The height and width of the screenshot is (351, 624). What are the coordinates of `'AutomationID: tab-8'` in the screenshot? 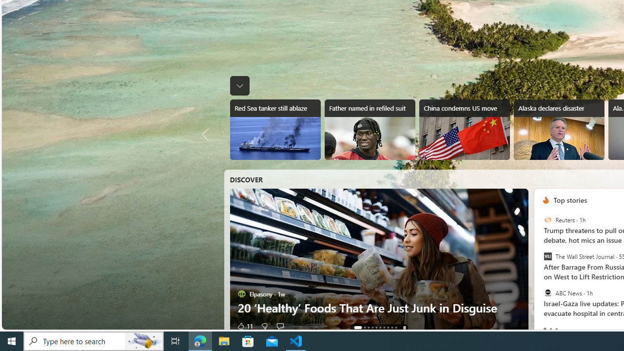 It's located at (391, 328).